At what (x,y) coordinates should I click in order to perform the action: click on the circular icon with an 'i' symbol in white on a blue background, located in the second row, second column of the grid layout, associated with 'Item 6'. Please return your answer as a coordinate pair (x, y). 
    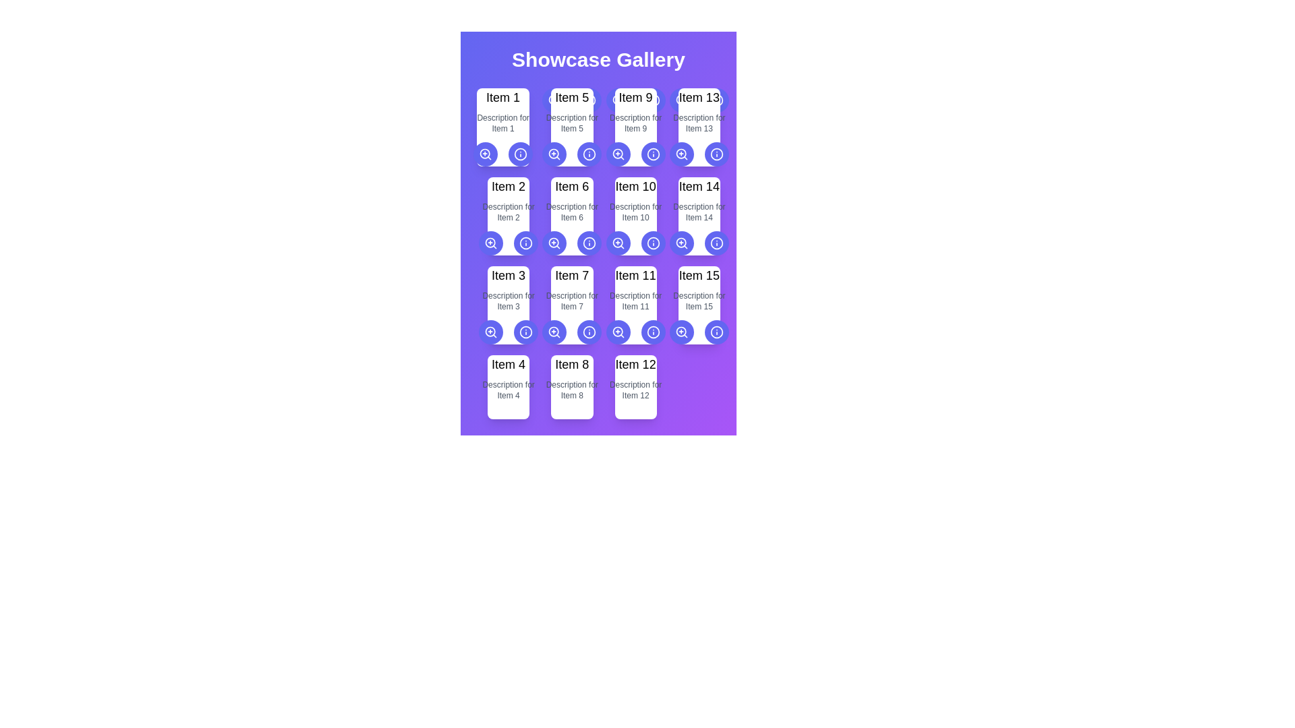
    Looking at the image, I should click on (525, 243).